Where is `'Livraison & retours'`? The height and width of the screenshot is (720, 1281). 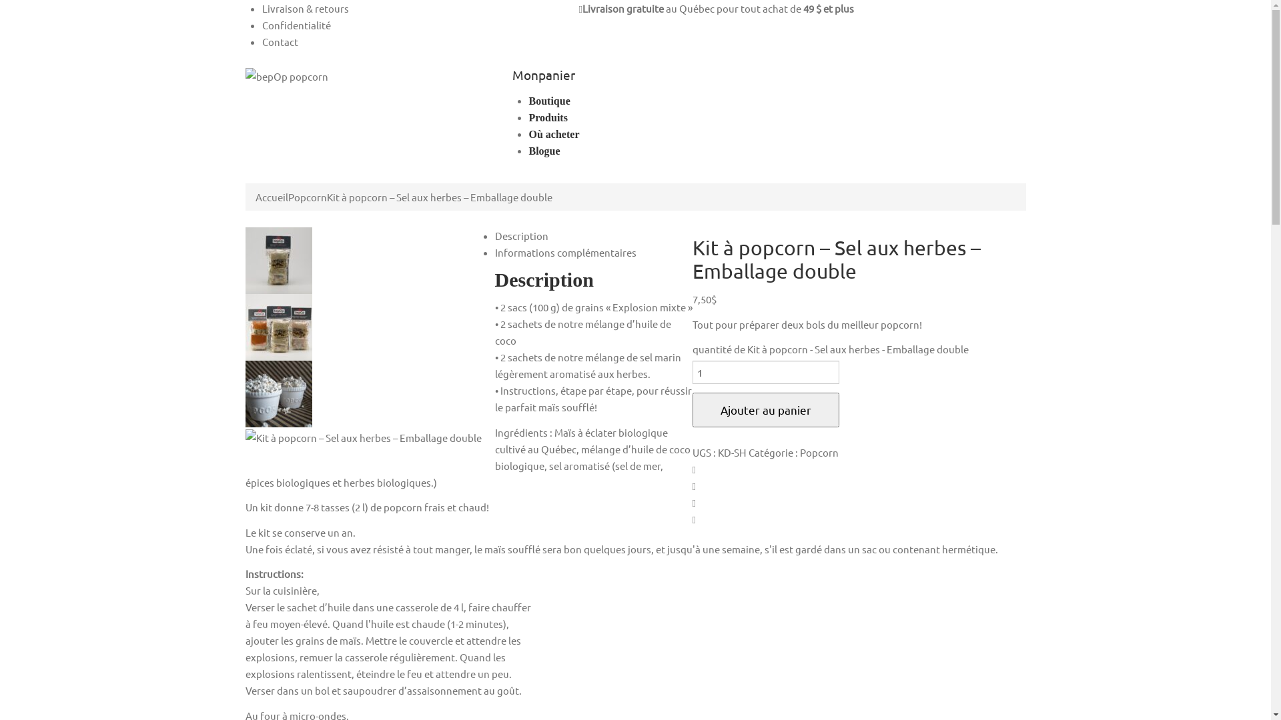
'Livraison & retours' is located at coordinates (304, 8).